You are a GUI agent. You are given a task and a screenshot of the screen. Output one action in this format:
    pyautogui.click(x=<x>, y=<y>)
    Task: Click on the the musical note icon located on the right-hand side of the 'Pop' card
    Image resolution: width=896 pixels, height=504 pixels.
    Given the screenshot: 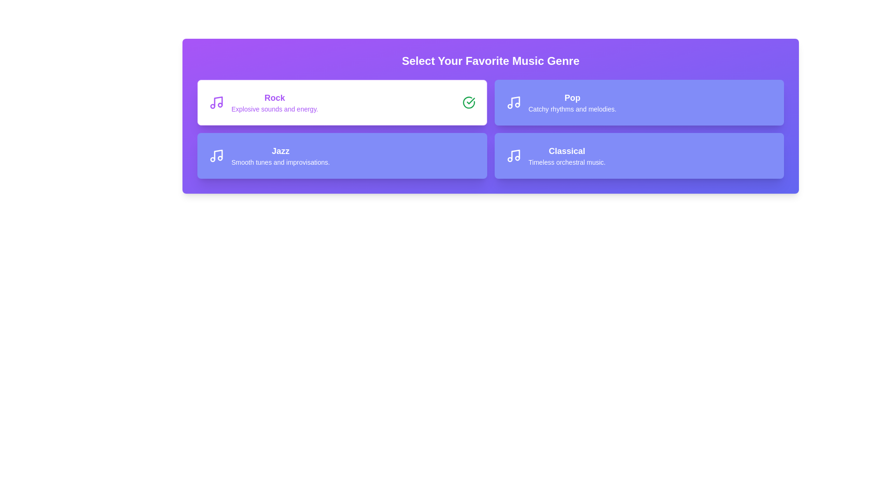 What is the action you would take?
    pyautogui.click(x=513, y=102)
    